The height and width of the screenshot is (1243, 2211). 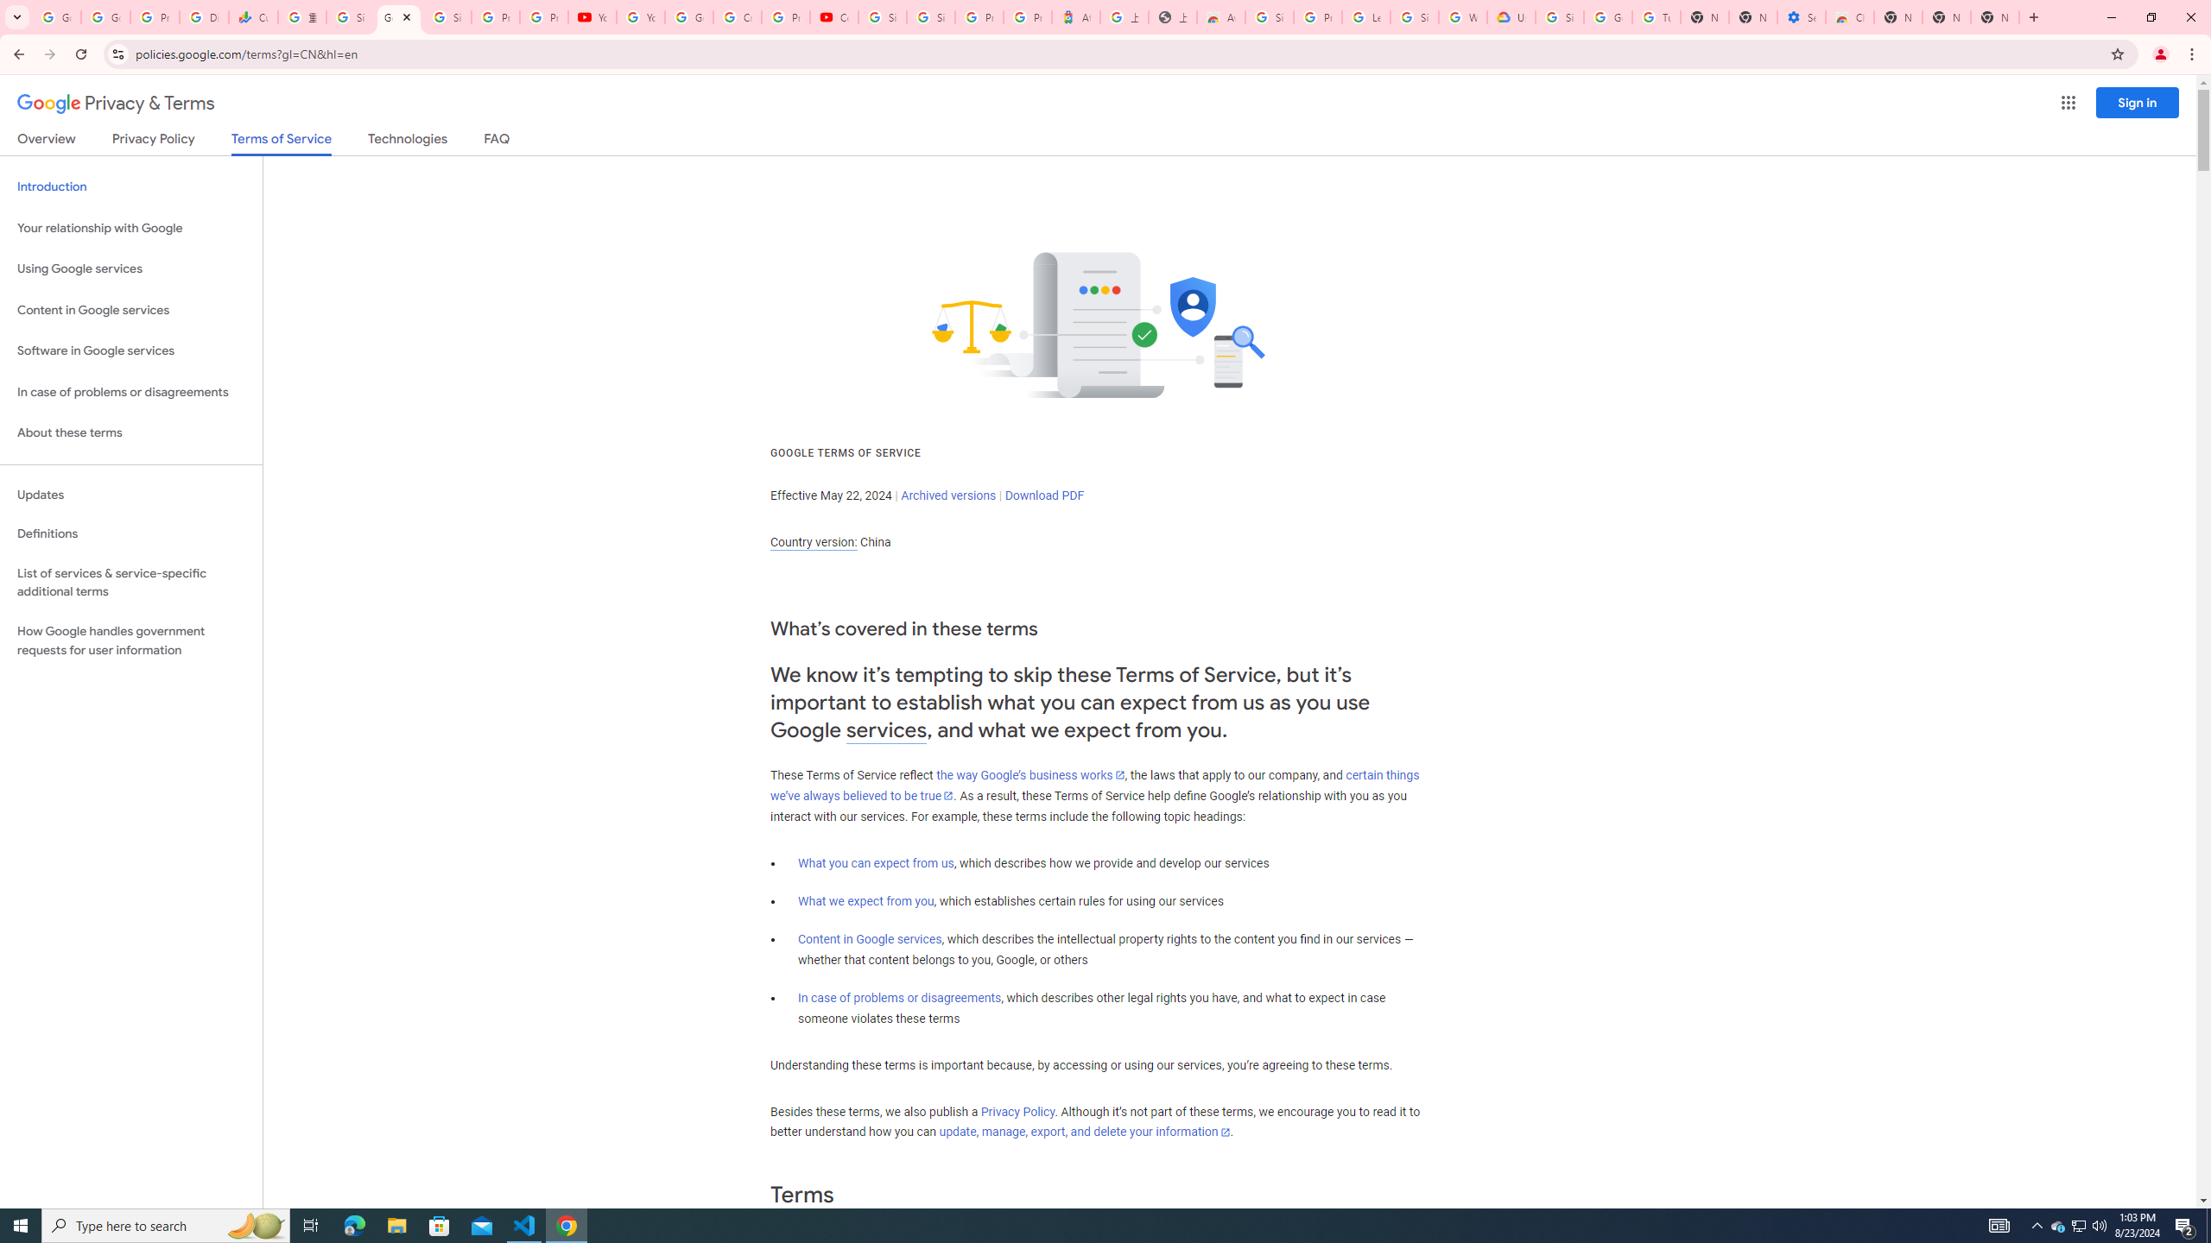 What do you see at coordinates (877, 862) in the screenshot?
I see `'What you can expect from us'` at bounding box center [877, 862].